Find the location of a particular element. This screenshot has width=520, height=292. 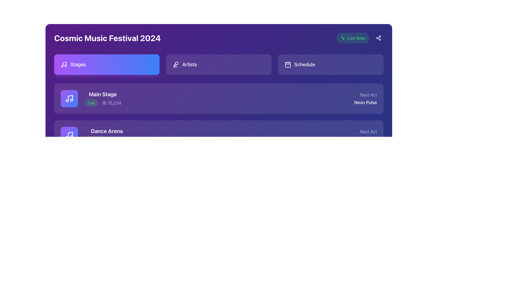

the music festival stages icon located inside the 'Stages' button, positioned to the left of the button's text label is located at coordinates (64, 64).